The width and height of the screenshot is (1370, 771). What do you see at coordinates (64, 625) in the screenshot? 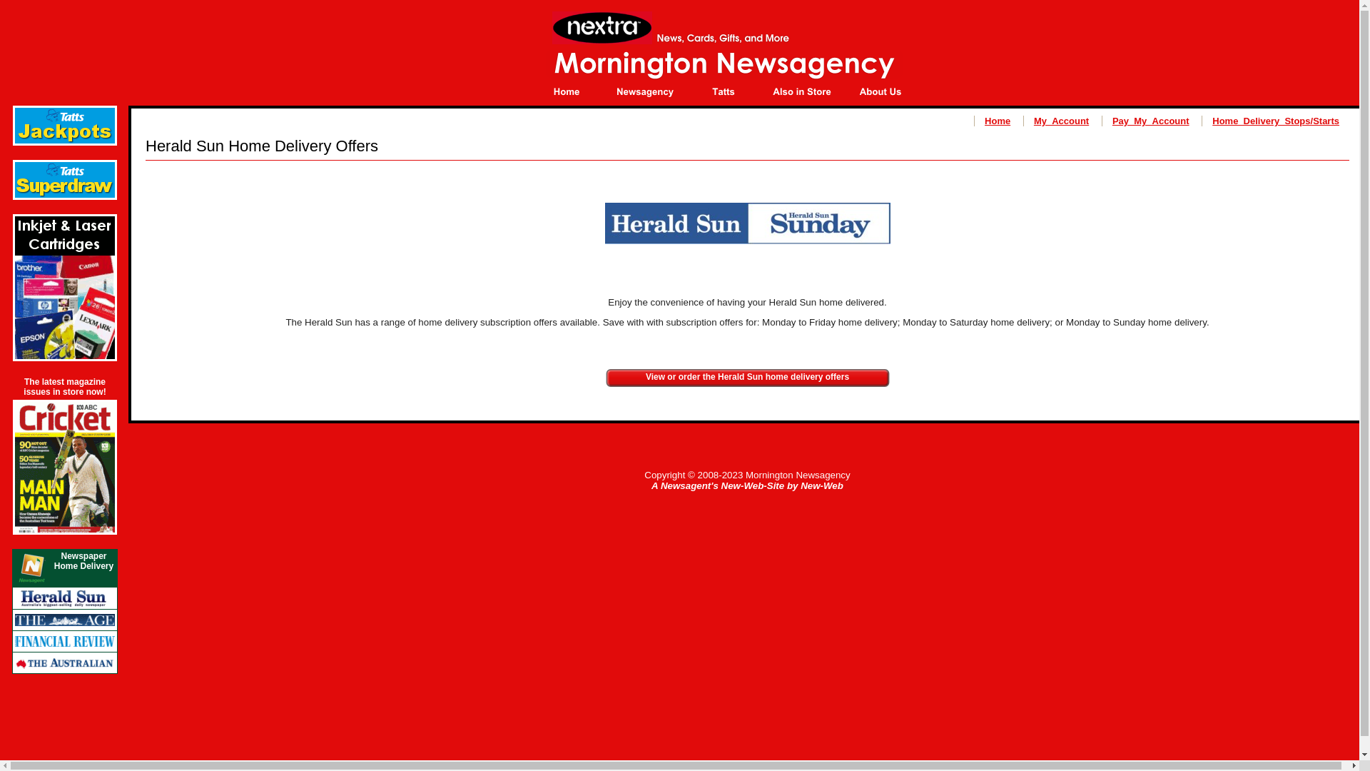
I see `'Click here to view or order The Age home delivery offer.'` at bounding box center [64, 625].